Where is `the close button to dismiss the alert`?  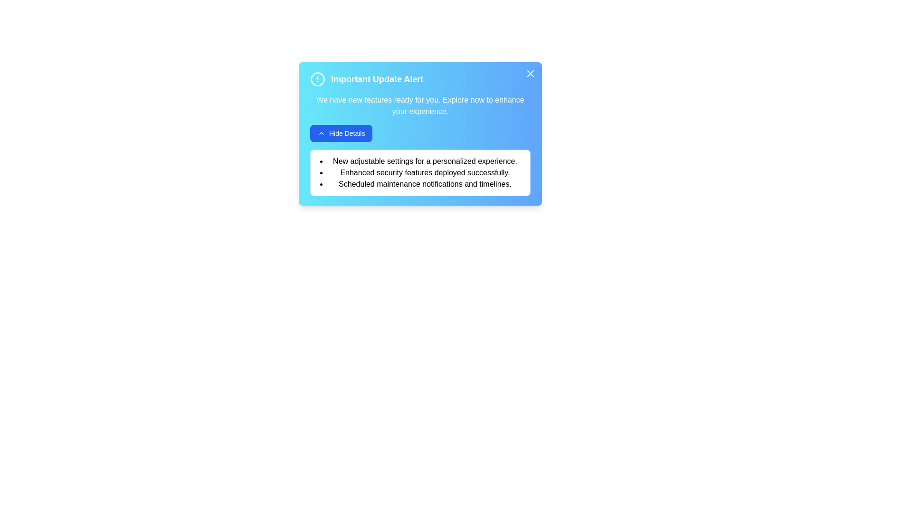 the close button to dismiss the alert is located at coordinates (530, 73).